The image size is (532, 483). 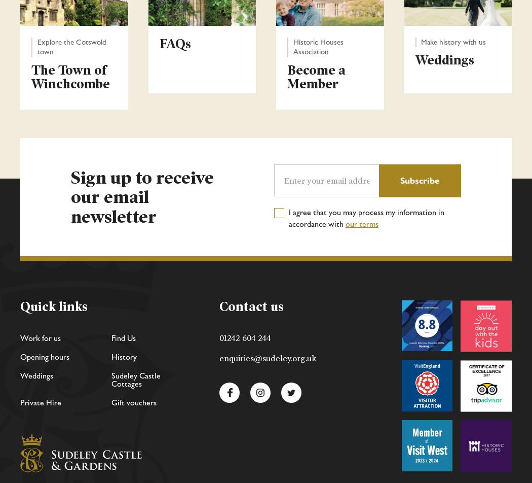 What do you see at coordinates (174, 43) in the screenshot?
I see `'FAQs'` at bounding box center [174, 43].